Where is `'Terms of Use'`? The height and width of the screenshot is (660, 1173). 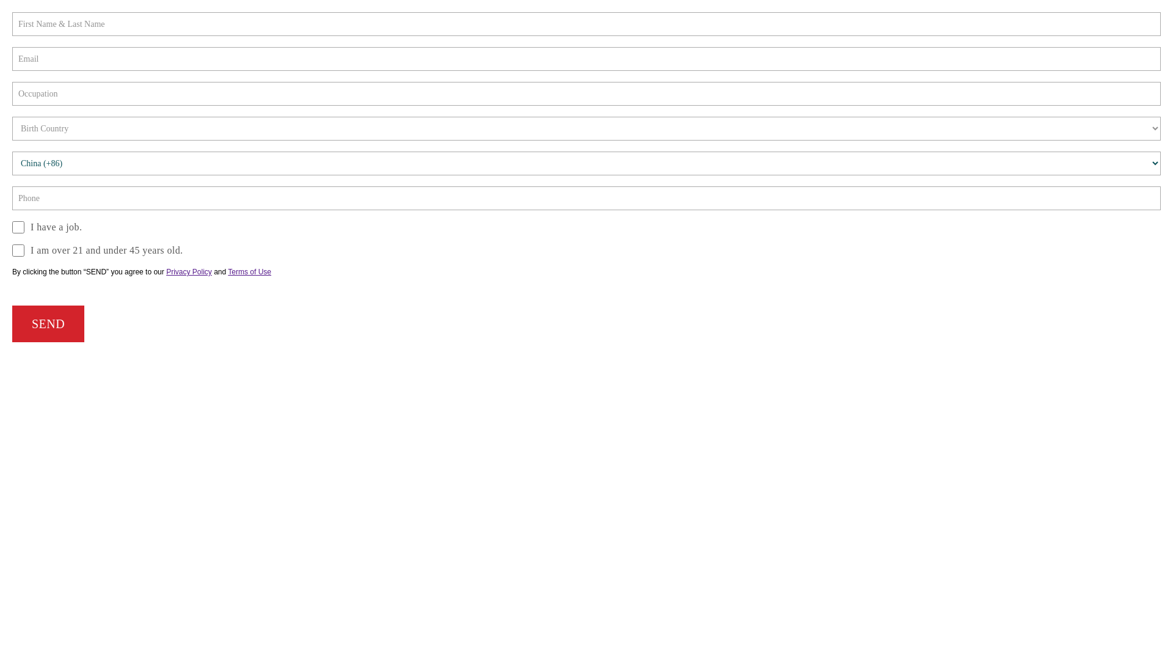
'Terms of Use' is located at coordinates (249, 271).